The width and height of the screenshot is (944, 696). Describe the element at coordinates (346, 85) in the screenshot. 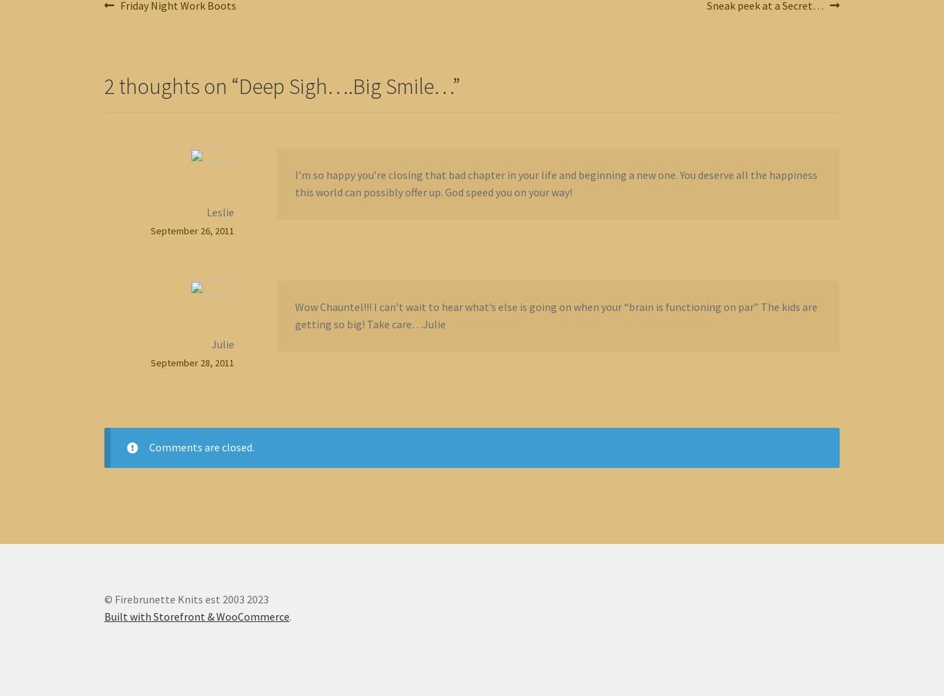

I see `'Deep Sigh….Big Smile…'` at that location.